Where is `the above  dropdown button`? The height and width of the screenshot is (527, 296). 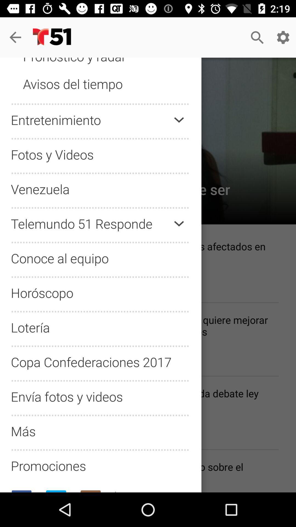 the above  dropdown button is located at coordinates (179, 120).